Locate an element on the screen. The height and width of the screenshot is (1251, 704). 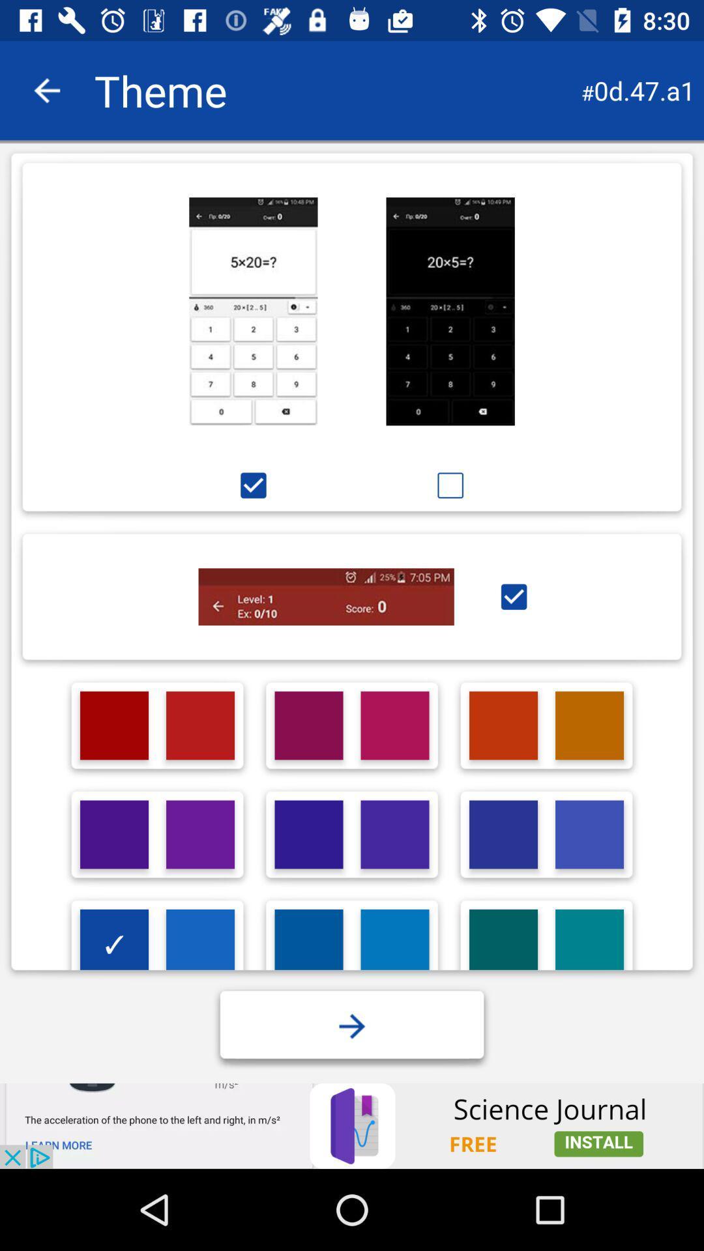
light green option is located at coordinates (503, 943).